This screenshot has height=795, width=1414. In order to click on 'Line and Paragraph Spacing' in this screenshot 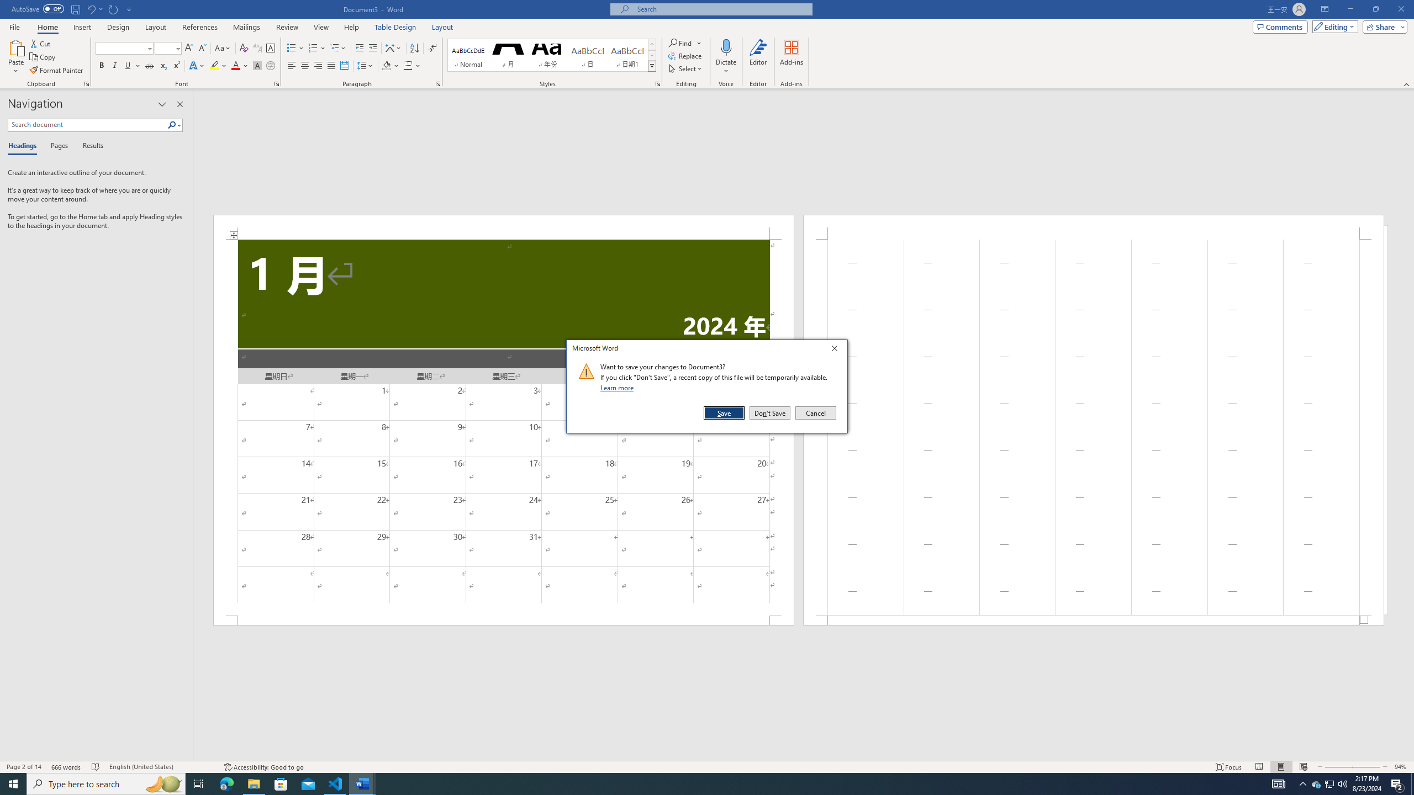, I will do `click(366, 65)`.